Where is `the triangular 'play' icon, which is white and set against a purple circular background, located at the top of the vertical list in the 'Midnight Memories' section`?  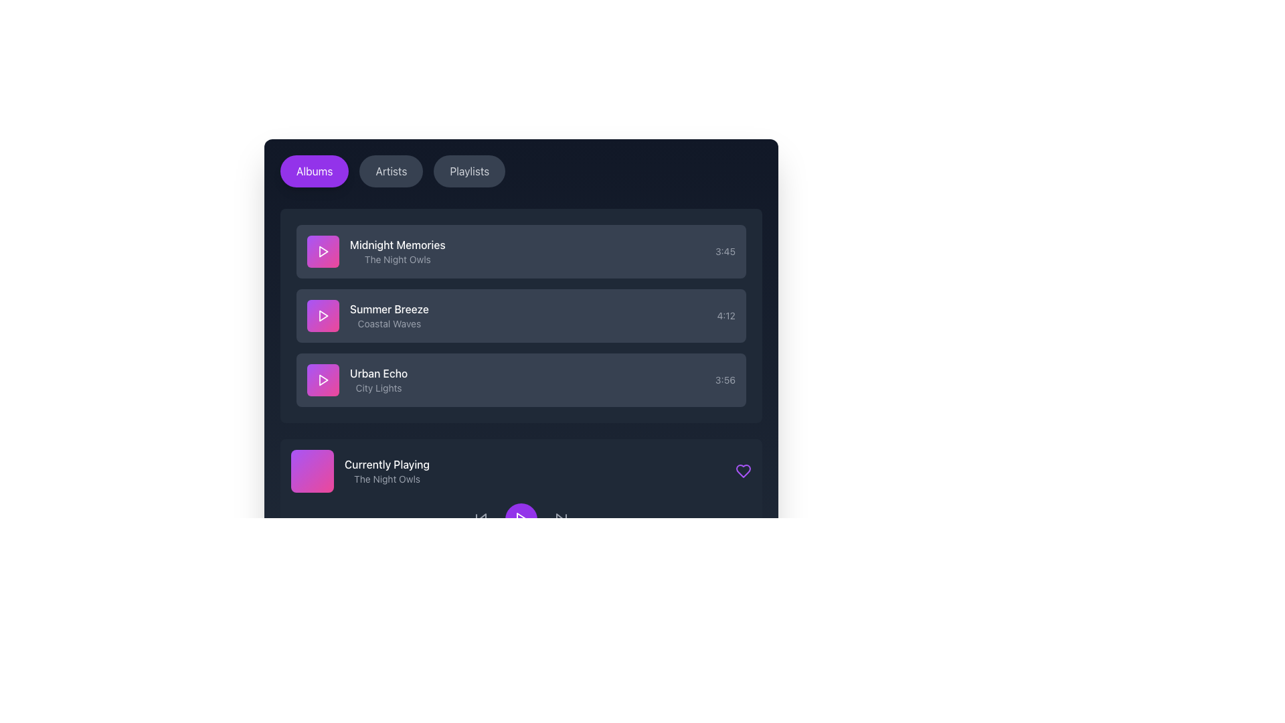 the triangular 'play' icon, which is white and set against a purple circular background, located at the top of the vertical list in the 'Midnight Memories' section is located at coordinates (323, 251).